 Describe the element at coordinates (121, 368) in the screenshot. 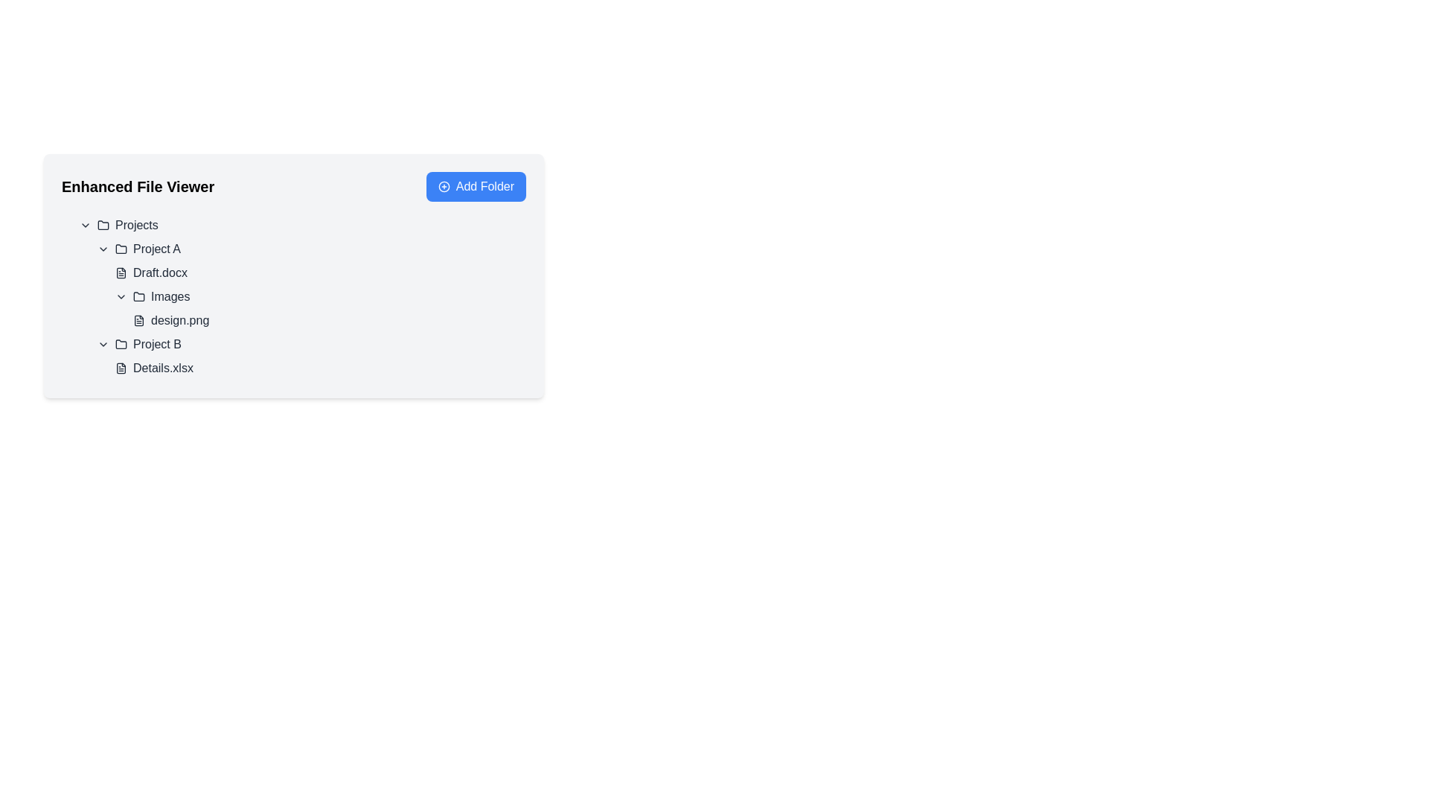

I see `the small black-and-white outlined document icon located to the left of the 'Details.xlsx' label in the file viewer interface` at that location.